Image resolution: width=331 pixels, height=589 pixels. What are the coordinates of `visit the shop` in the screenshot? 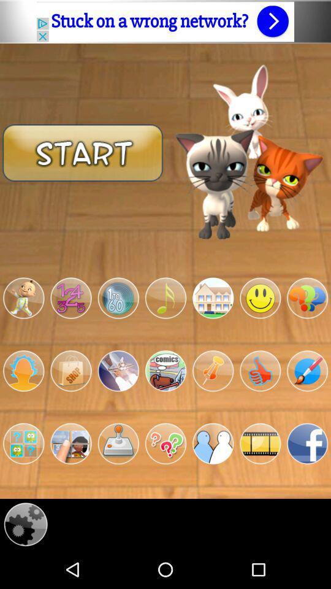 It's located at (70, 370).